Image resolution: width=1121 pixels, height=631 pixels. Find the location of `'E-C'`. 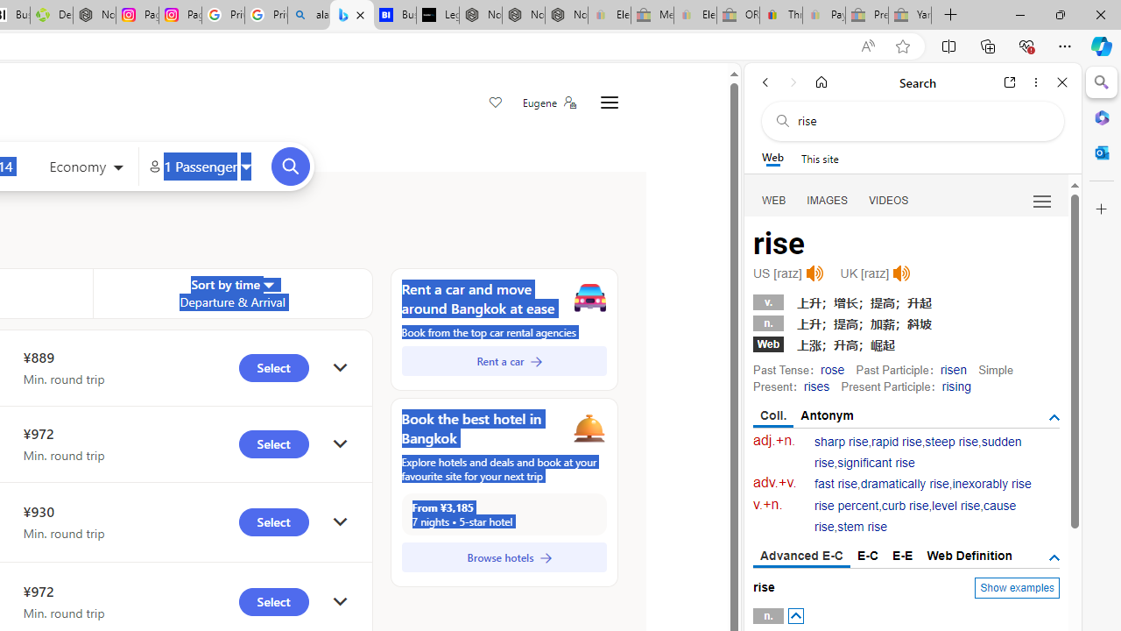

'E-C' is located at coordinates (868, 555).